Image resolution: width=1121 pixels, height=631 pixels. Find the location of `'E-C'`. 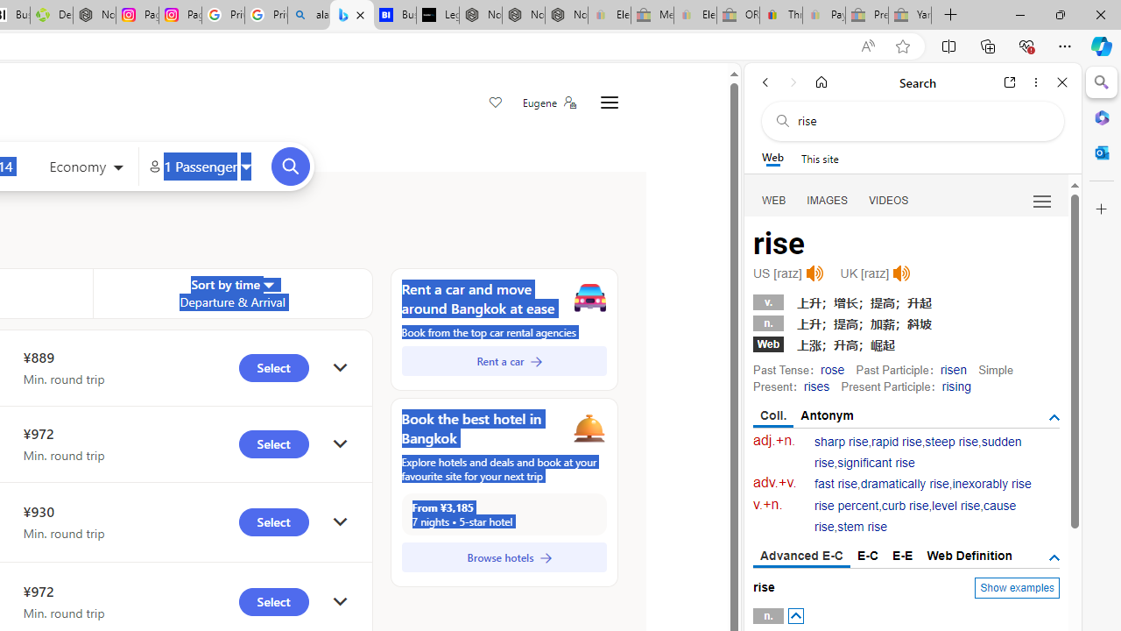

'E-C' is located at coordinates (868, 555).